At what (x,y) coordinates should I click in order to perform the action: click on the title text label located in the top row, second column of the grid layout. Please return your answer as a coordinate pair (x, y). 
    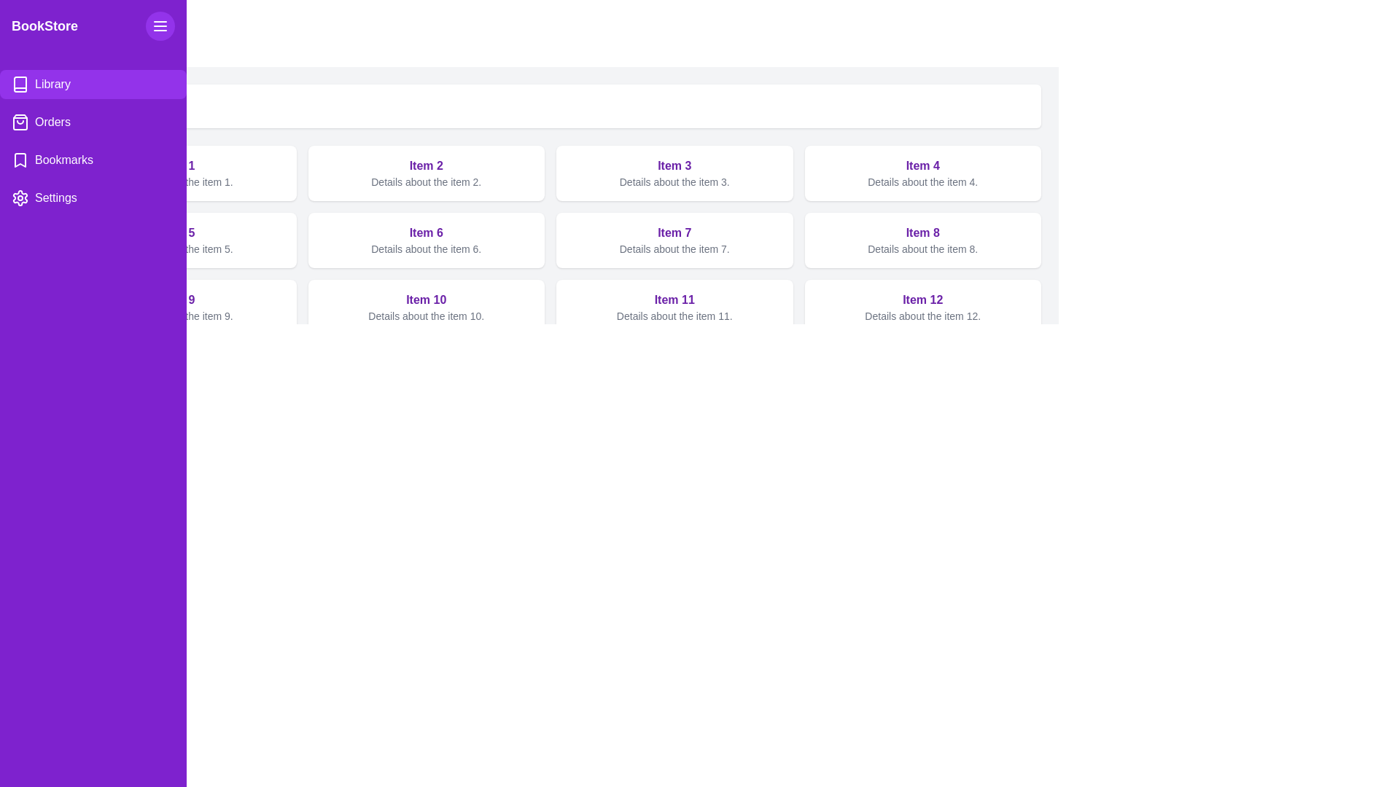
    Looking at the image, I should click on (425, 165).